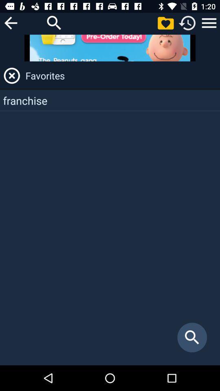 The height and width of the screenshot is (391, 220). What do you see at coordinates (10, 22) in the screenshot?
I see `the arrow_backward icon` at bounding box center [10, 22].